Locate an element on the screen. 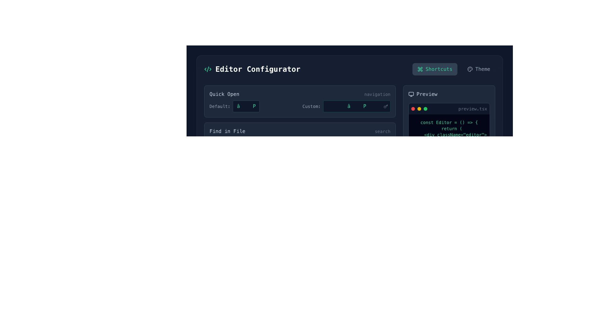 The height and width of the screenshot is (334, 595). the Header bar located at the top of the 'Preview' panel, which indicates the name of the preview file currently being displayed is located at coordinates (449, 108).